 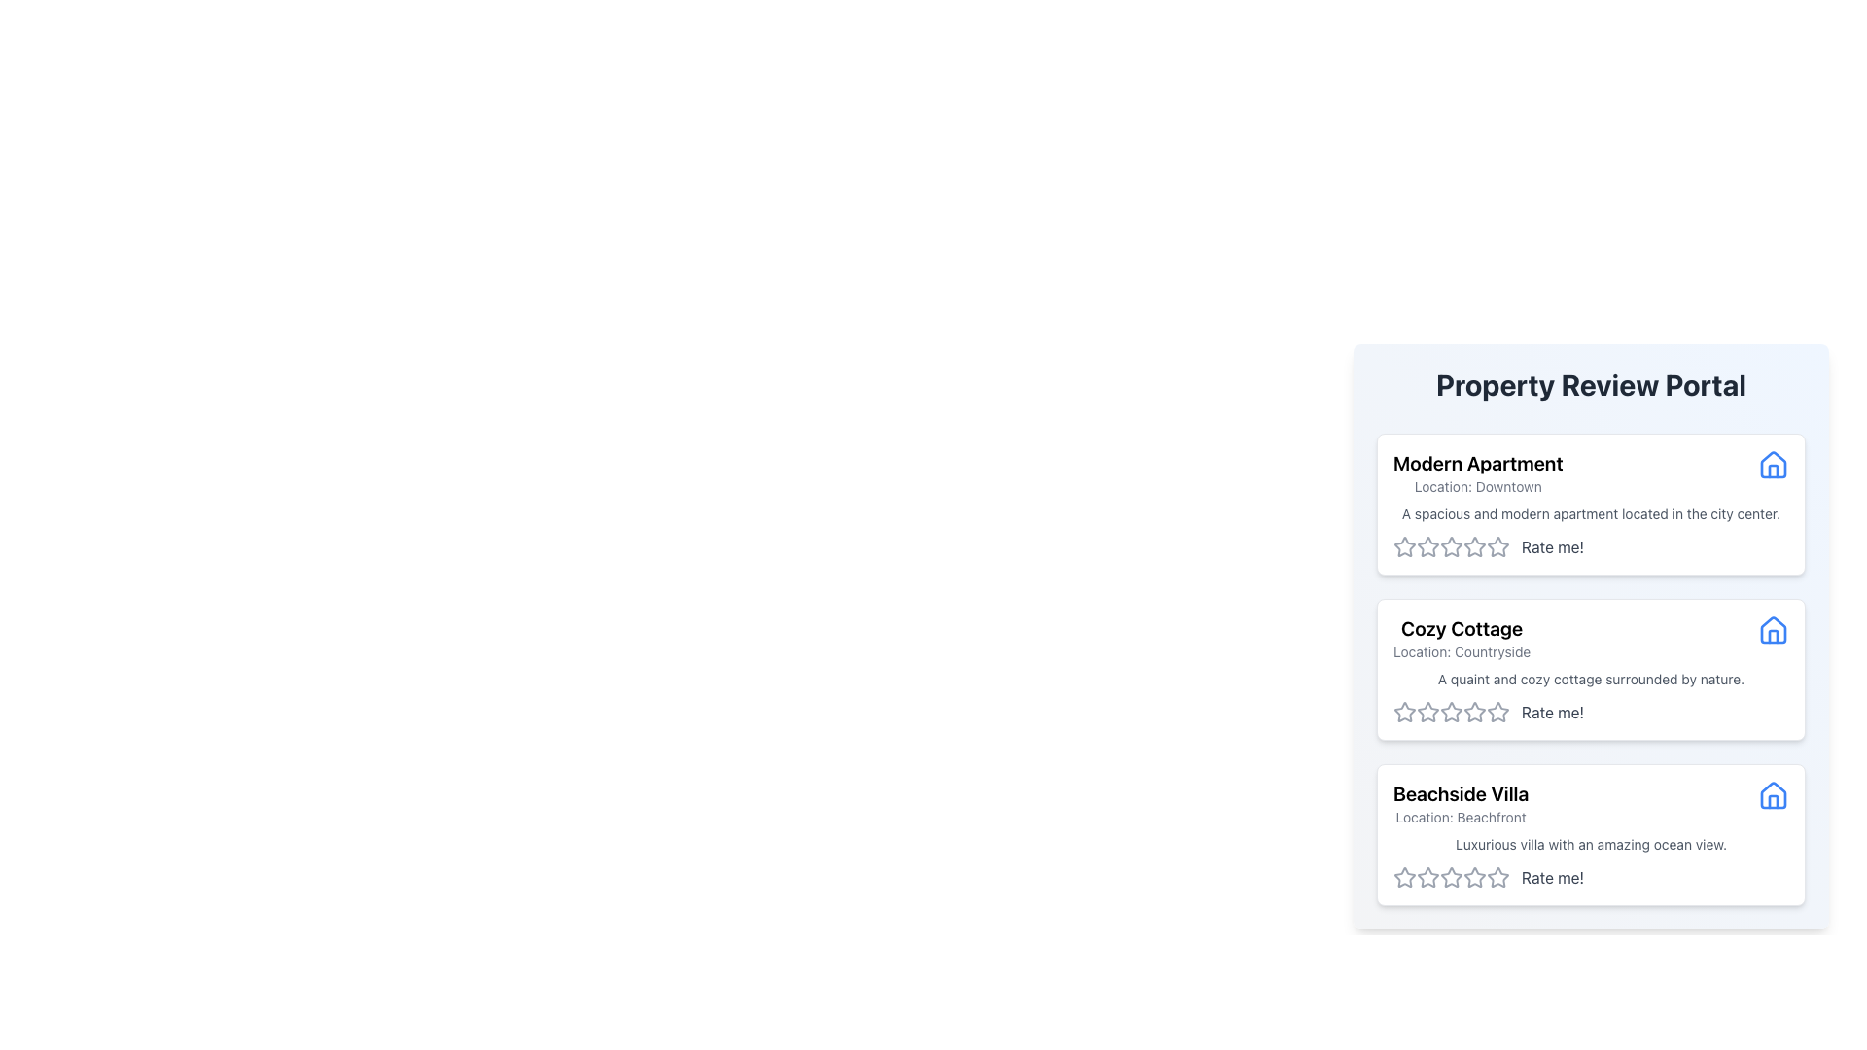 I want to click on the fifth Rating Star Icon in the 5-star rating system beneath the 'Beachside Villa' card, so click(x=1497, y=877).